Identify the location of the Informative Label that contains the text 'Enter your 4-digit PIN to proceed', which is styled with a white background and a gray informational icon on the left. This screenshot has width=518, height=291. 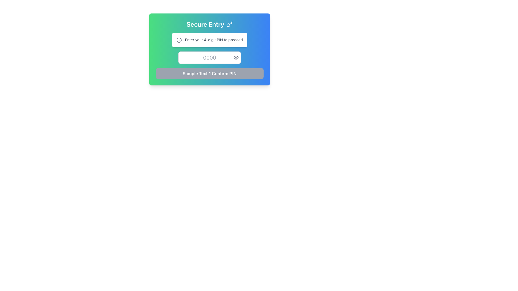
(209, 39).